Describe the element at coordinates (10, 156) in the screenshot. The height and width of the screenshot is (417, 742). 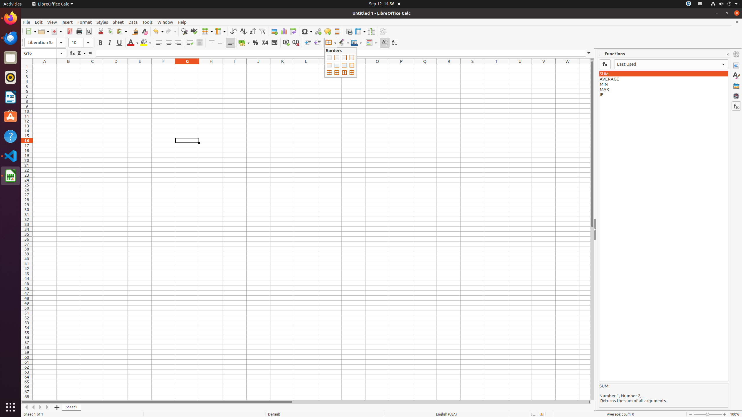
I see `'Visual Studio Code'` at that location.